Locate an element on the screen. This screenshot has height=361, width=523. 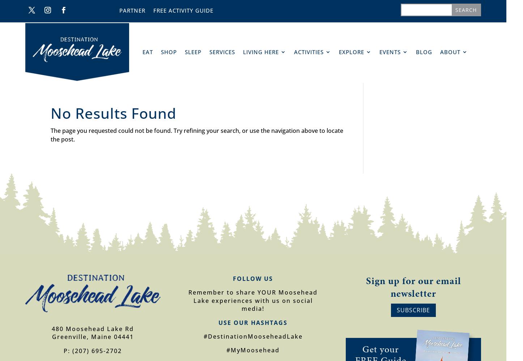
'SEASONS' is located at coordinates (278, 72).